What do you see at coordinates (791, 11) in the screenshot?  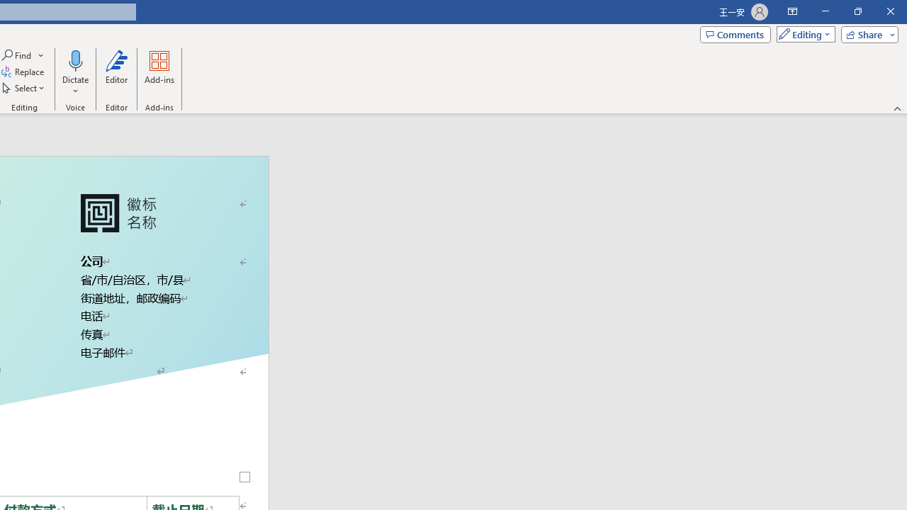 I see `'Ribbon Display Options'` at bounding box center [791, 11].